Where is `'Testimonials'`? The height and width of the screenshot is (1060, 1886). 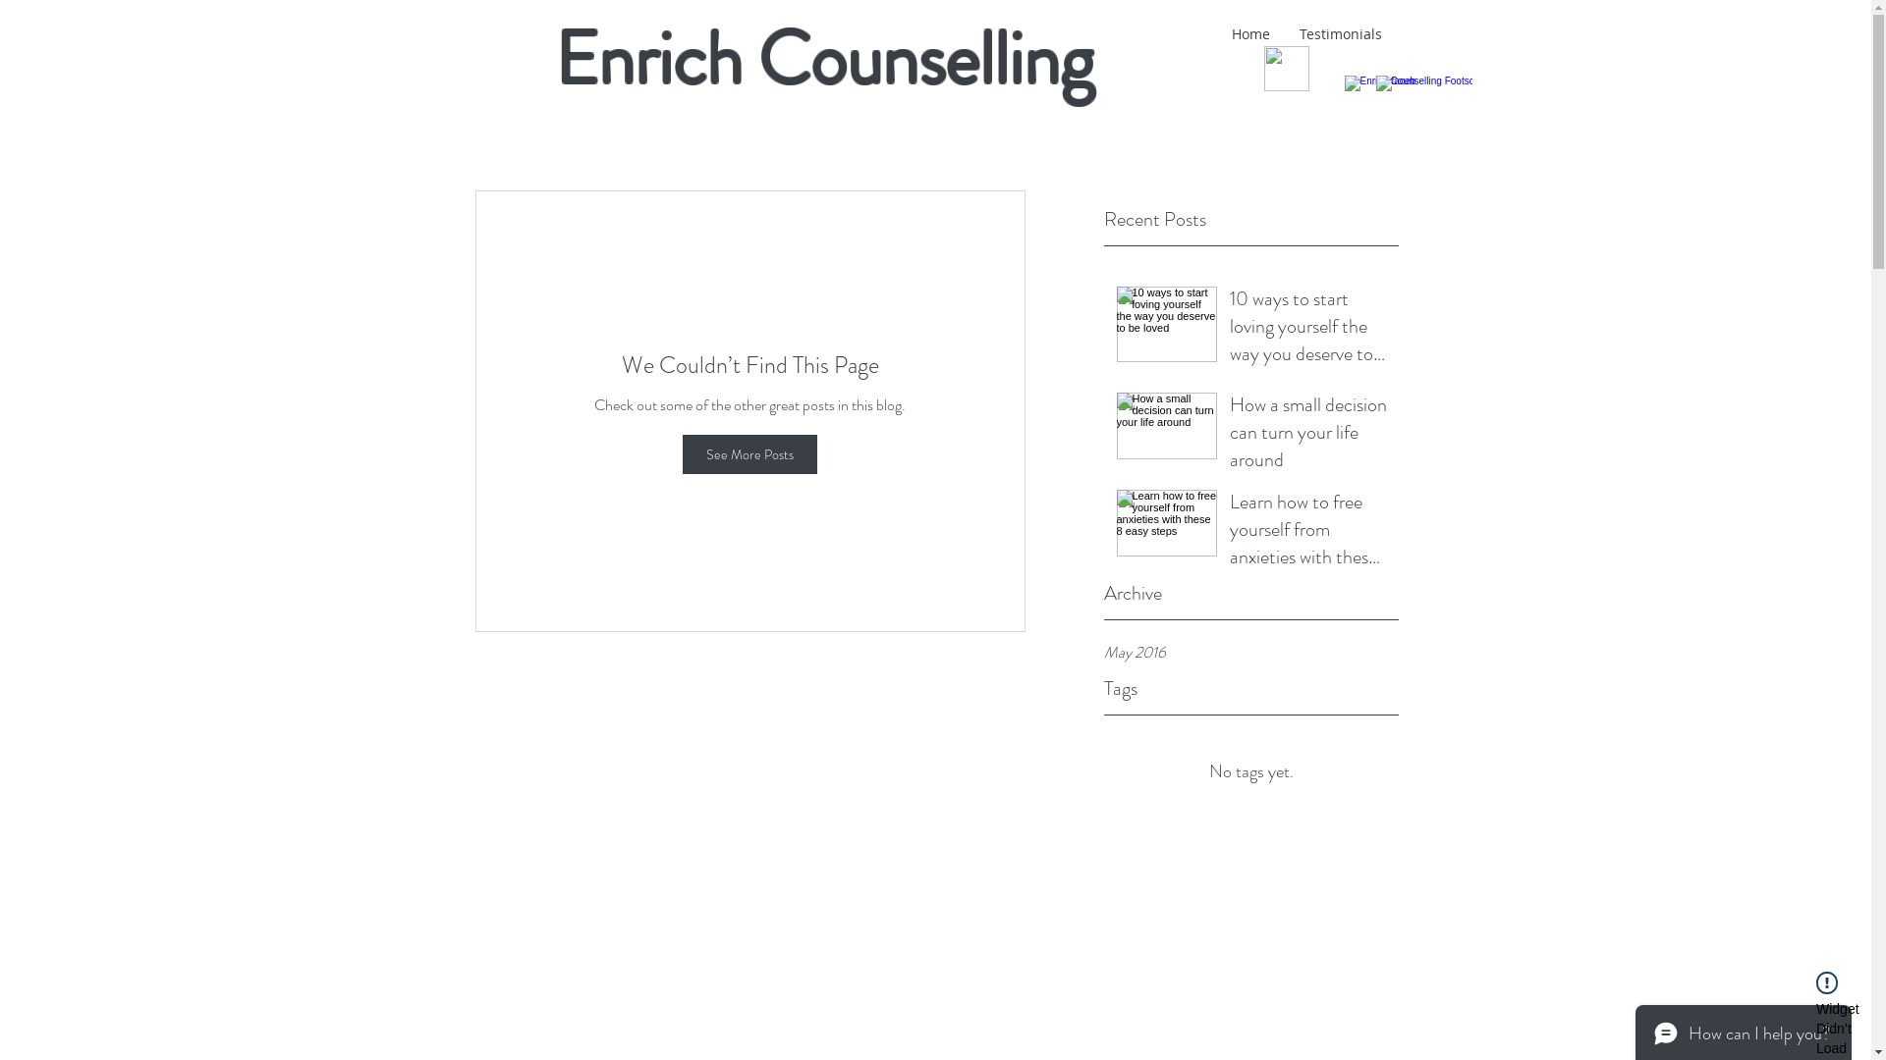
'Testimonials' is located at coordinates (1339, 33).